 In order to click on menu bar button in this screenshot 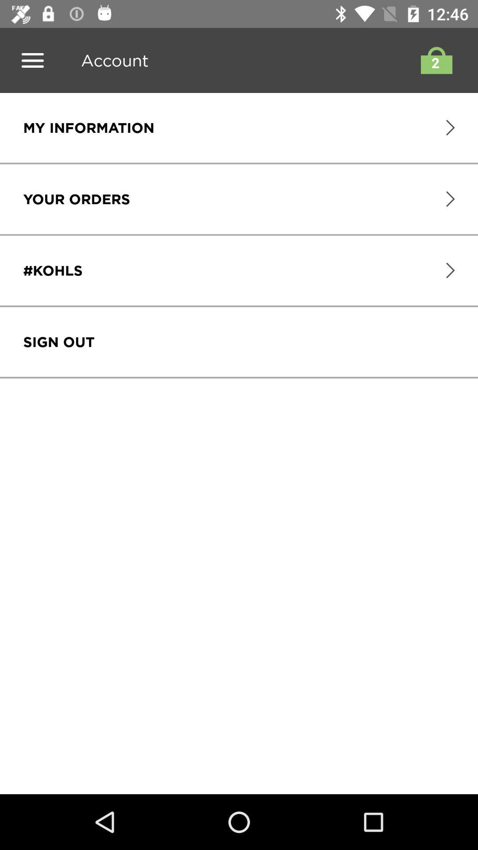, I will do `click(32, 60)`.